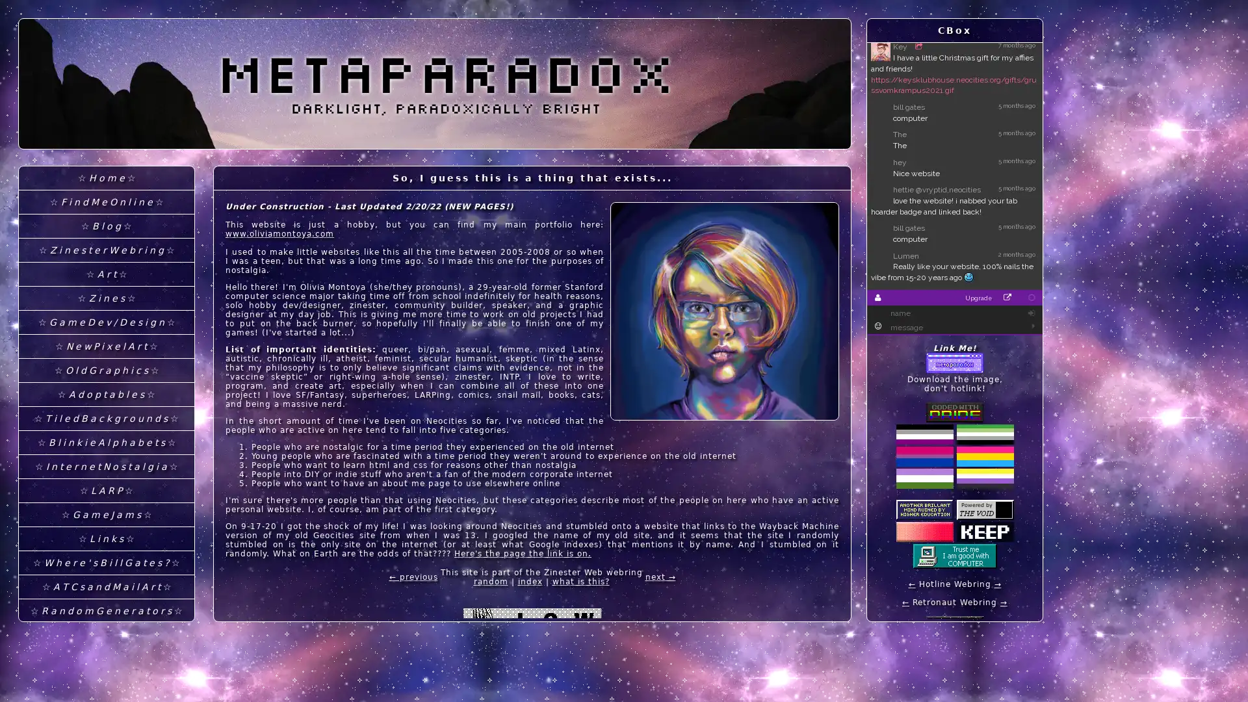 This screenshot has width=1248, height=702. Describe the element at coordinates (106, 178) in the screenshot. I see `H o m e` at that location.